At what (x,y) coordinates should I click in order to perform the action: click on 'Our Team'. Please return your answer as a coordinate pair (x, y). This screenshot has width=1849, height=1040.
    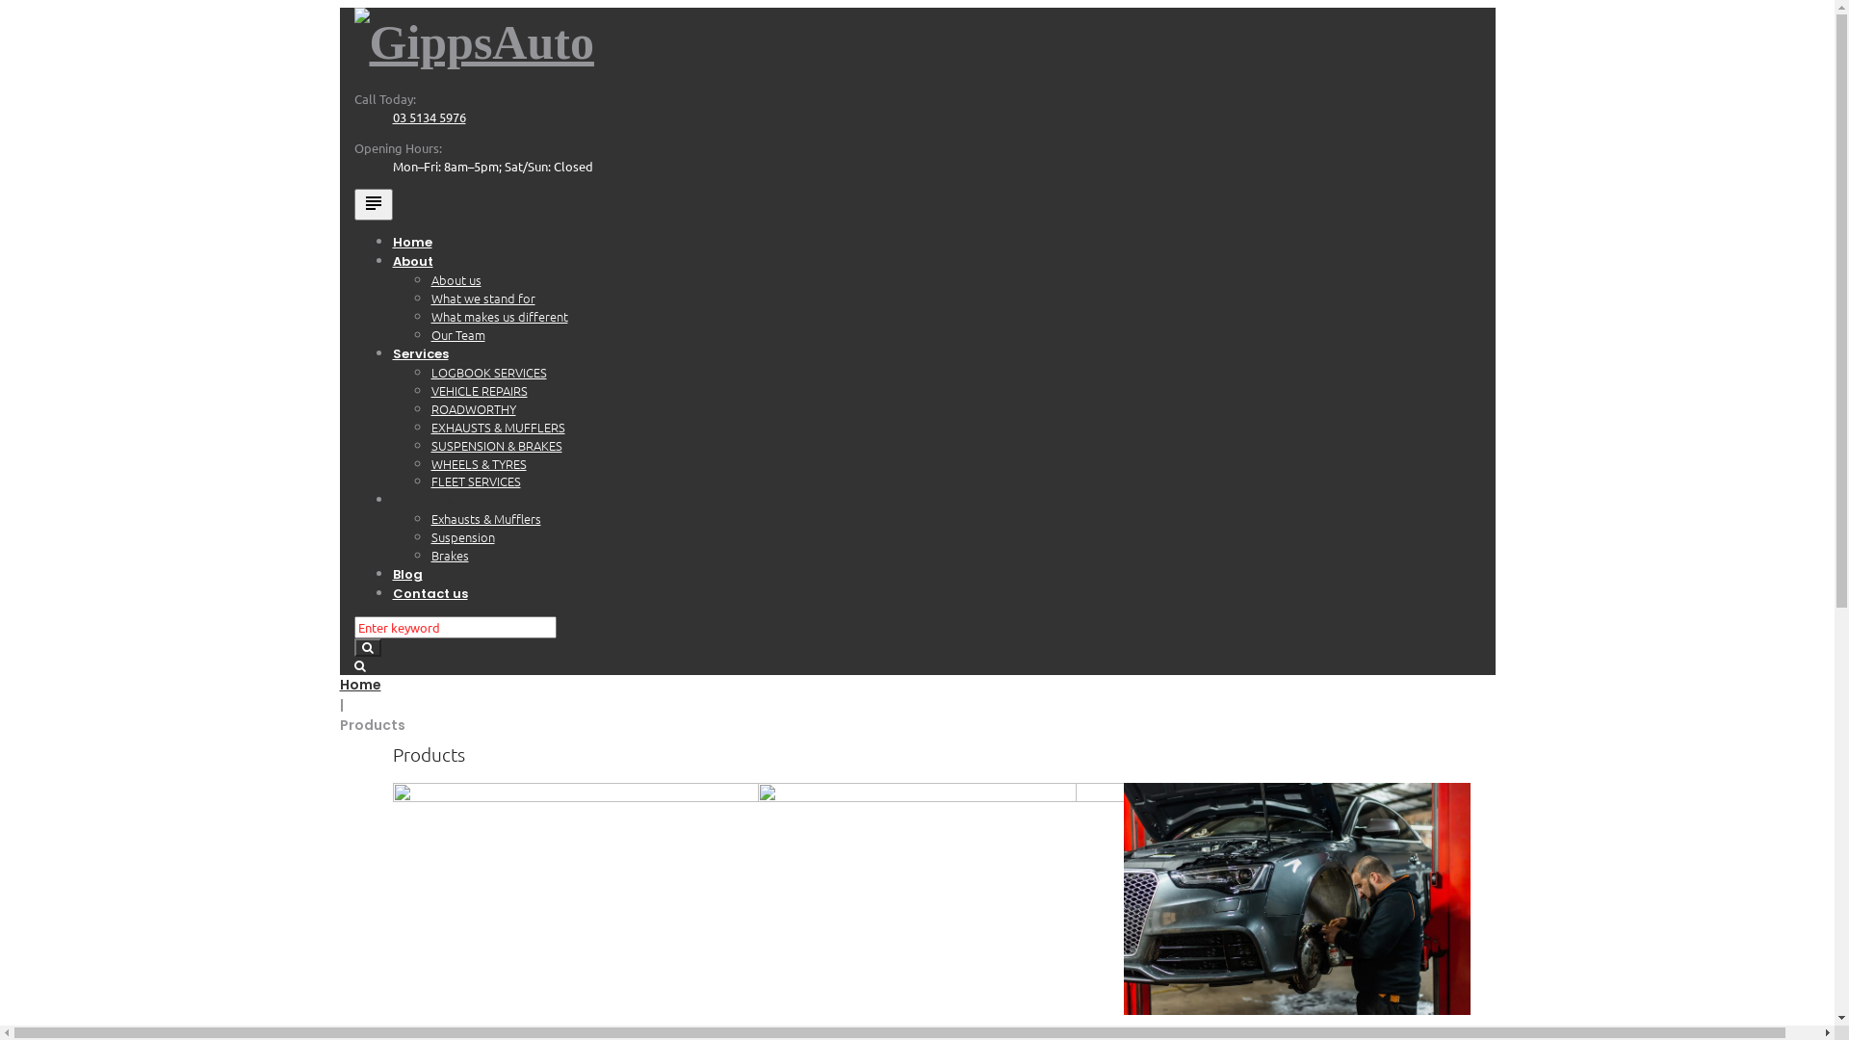
    Looking at the image, I should click on (456, 333).